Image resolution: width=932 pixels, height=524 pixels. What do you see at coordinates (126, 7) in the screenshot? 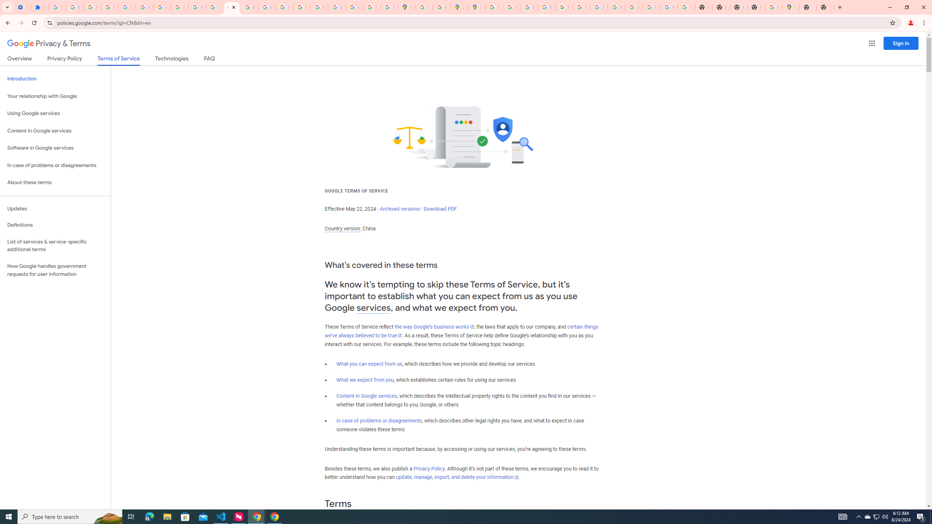
I see `'Sign in - Google Accounts'` at bounding box center [126, 7].